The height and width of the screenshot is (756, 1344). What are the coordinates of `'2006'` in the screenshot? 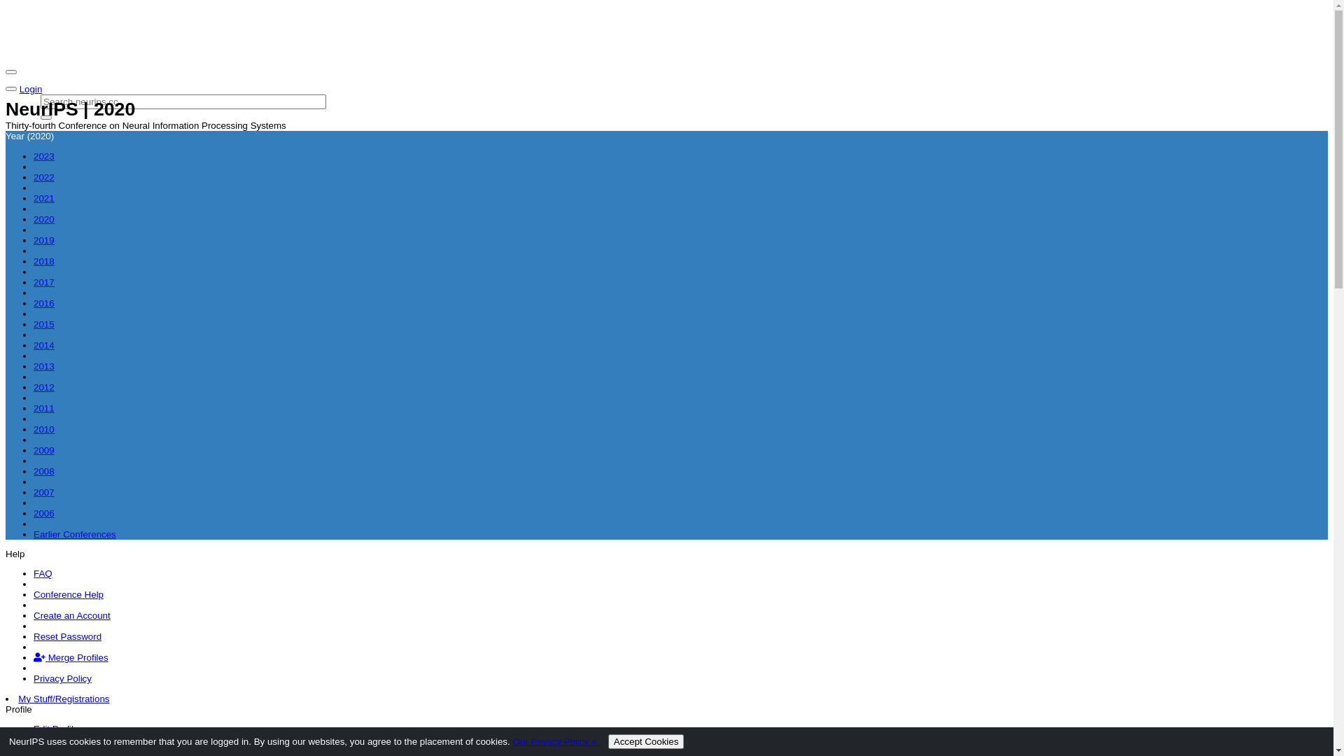 It's located at (43, 513).